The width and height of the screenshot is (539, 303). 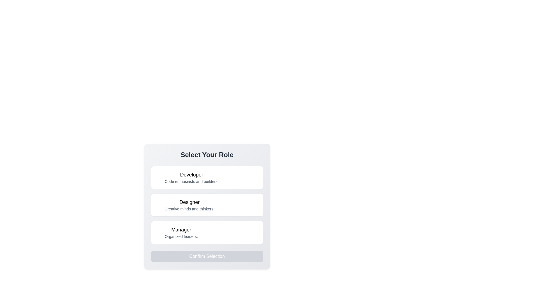 What do you see at coordinates (181, 233) in the screenshot?
I see `the third option in the vertical selection list, which is the 'Manager' role represented by a card with bold text and a clean layout` at bounding box center [181, 233].